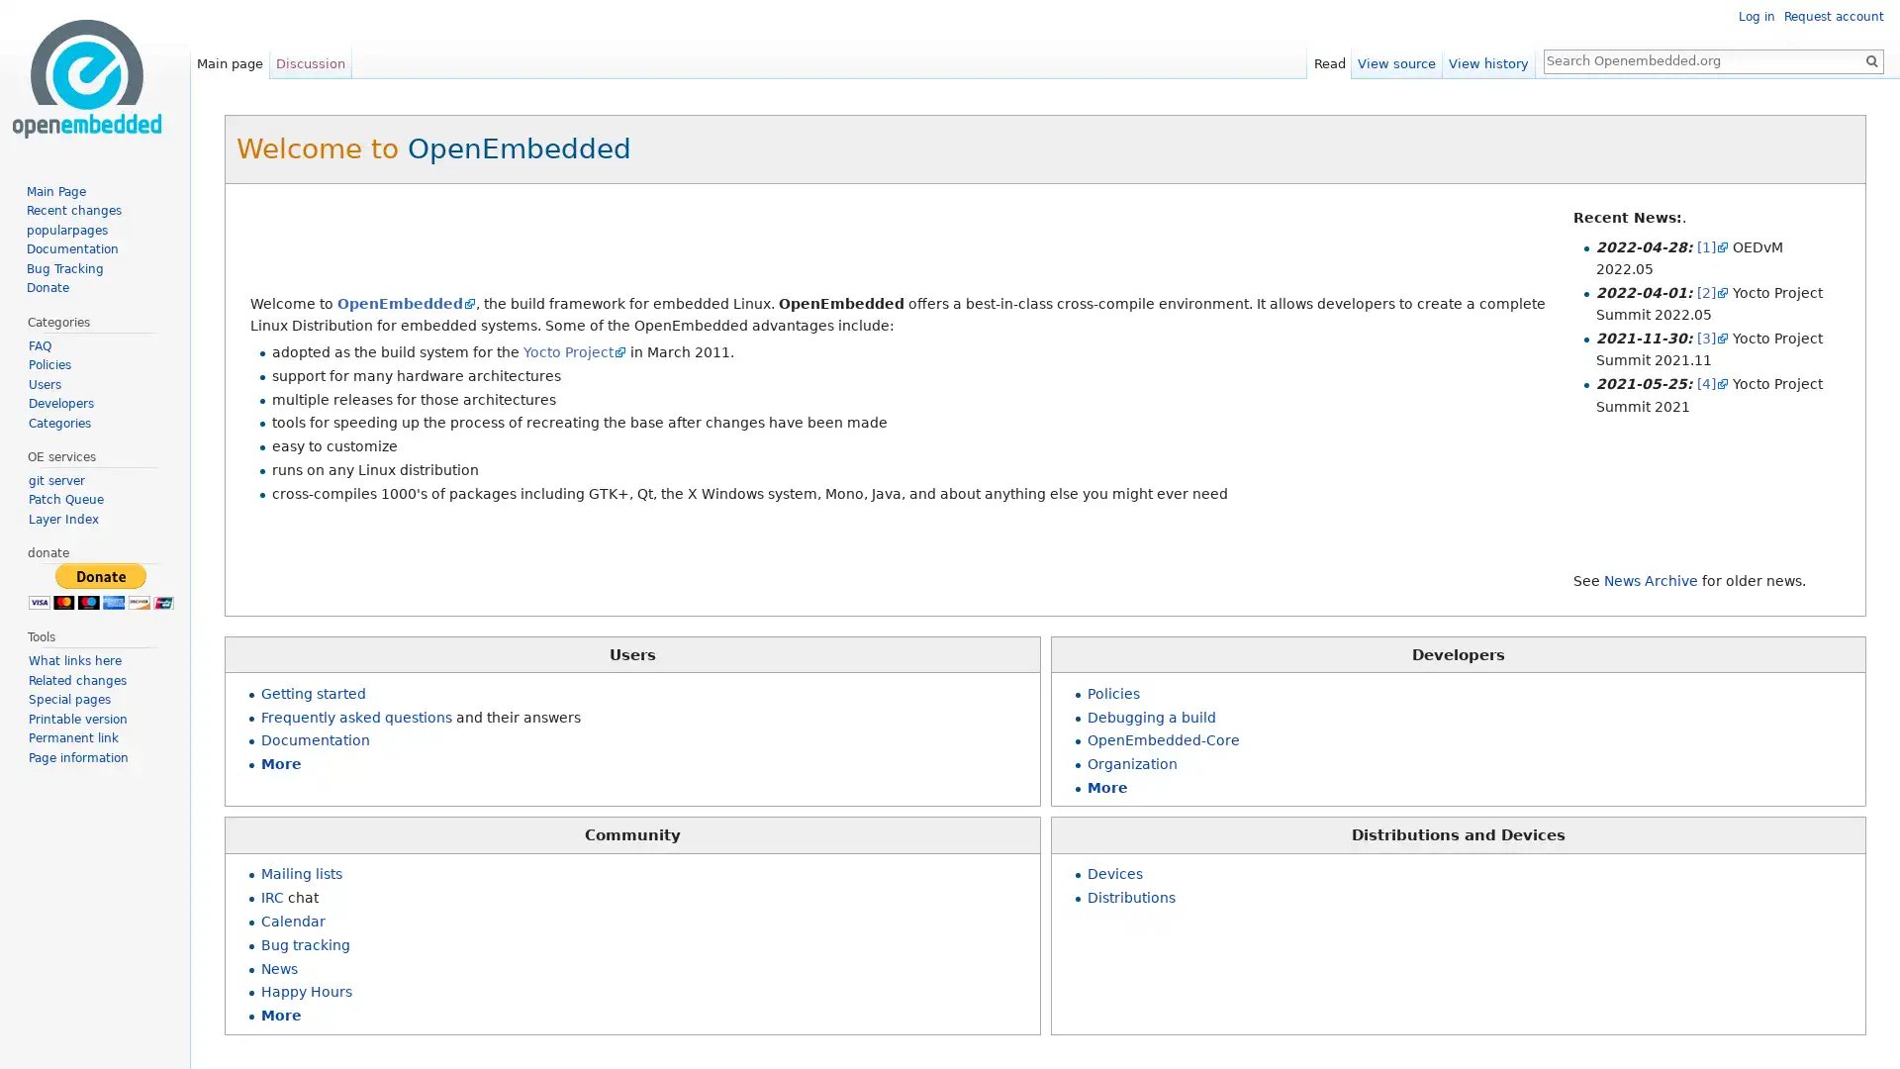 The image size is (1900, 1069). Describe the element at coordinates (1870, 59) in the screenshot. I see `Go` at that location.